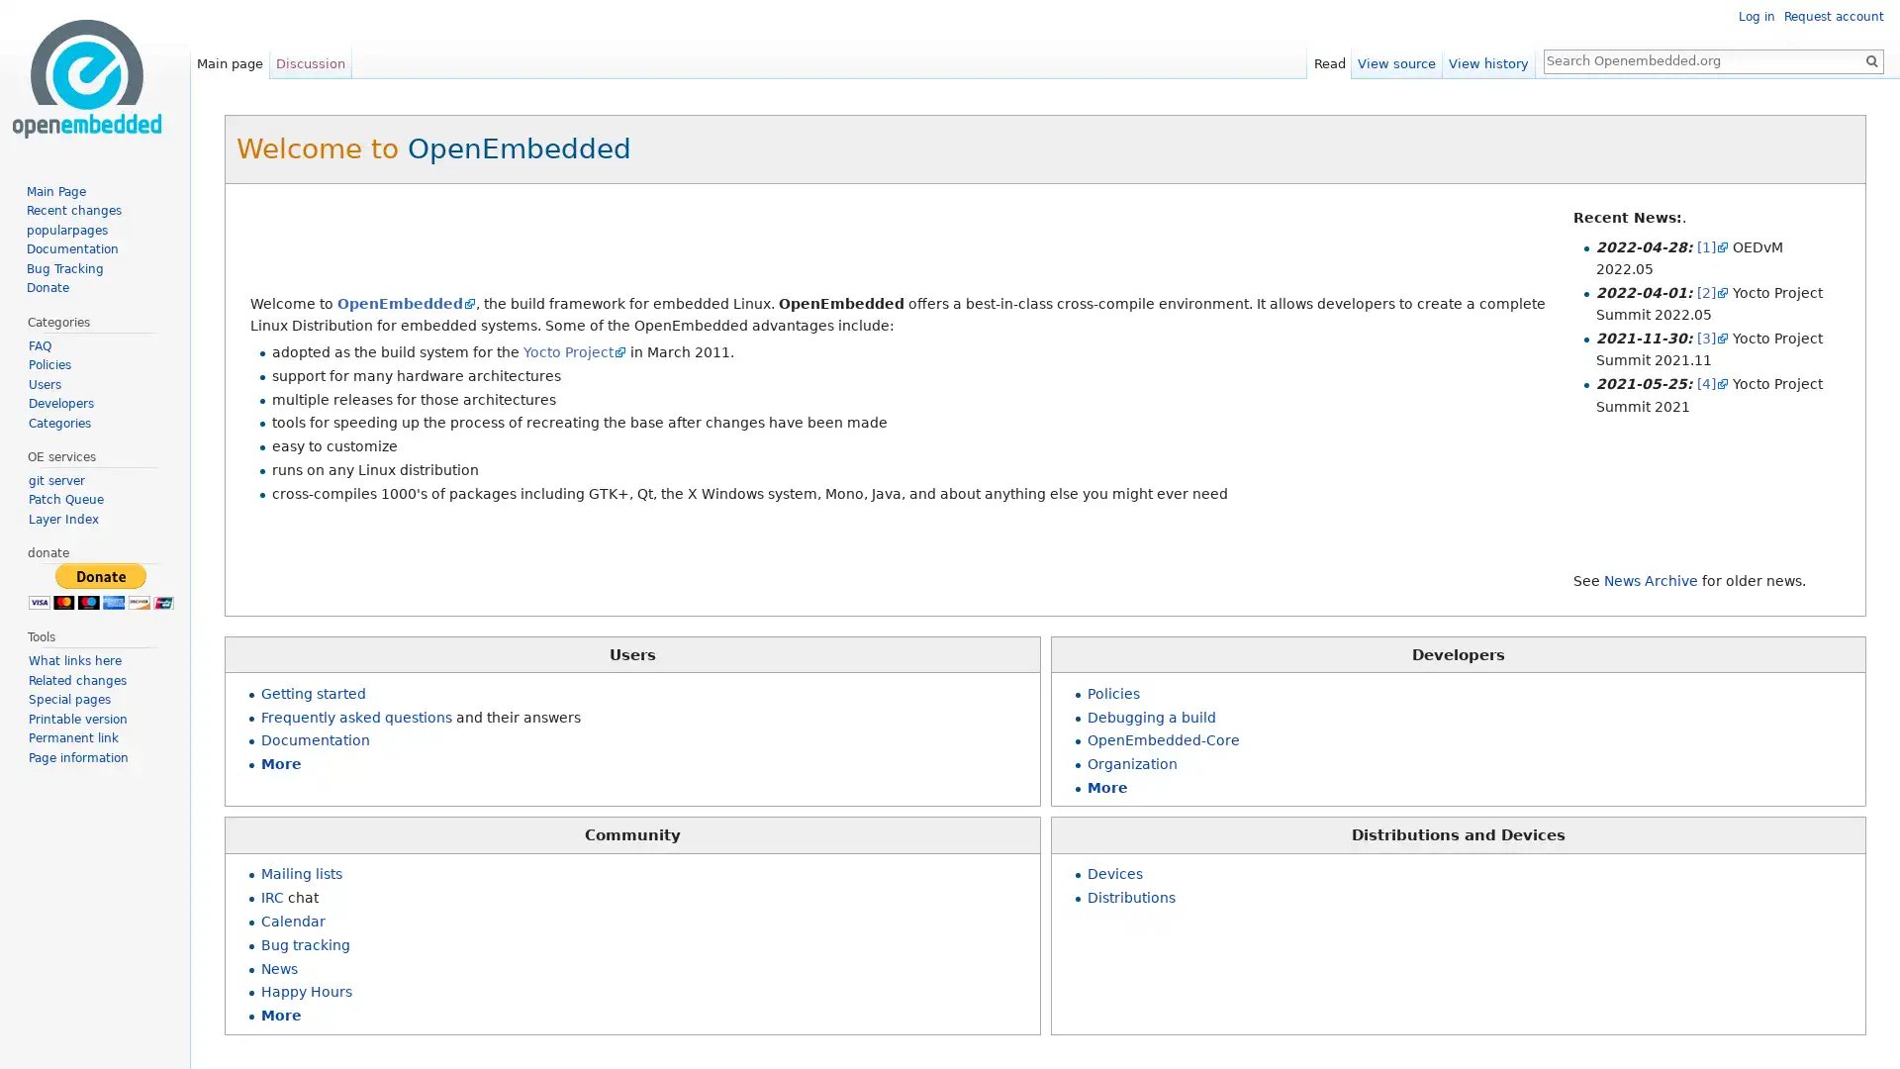 The image size is (1900, 1069). Describe the element at coordinates (1870, 59) in the screenshot. I see `Go` at that location.